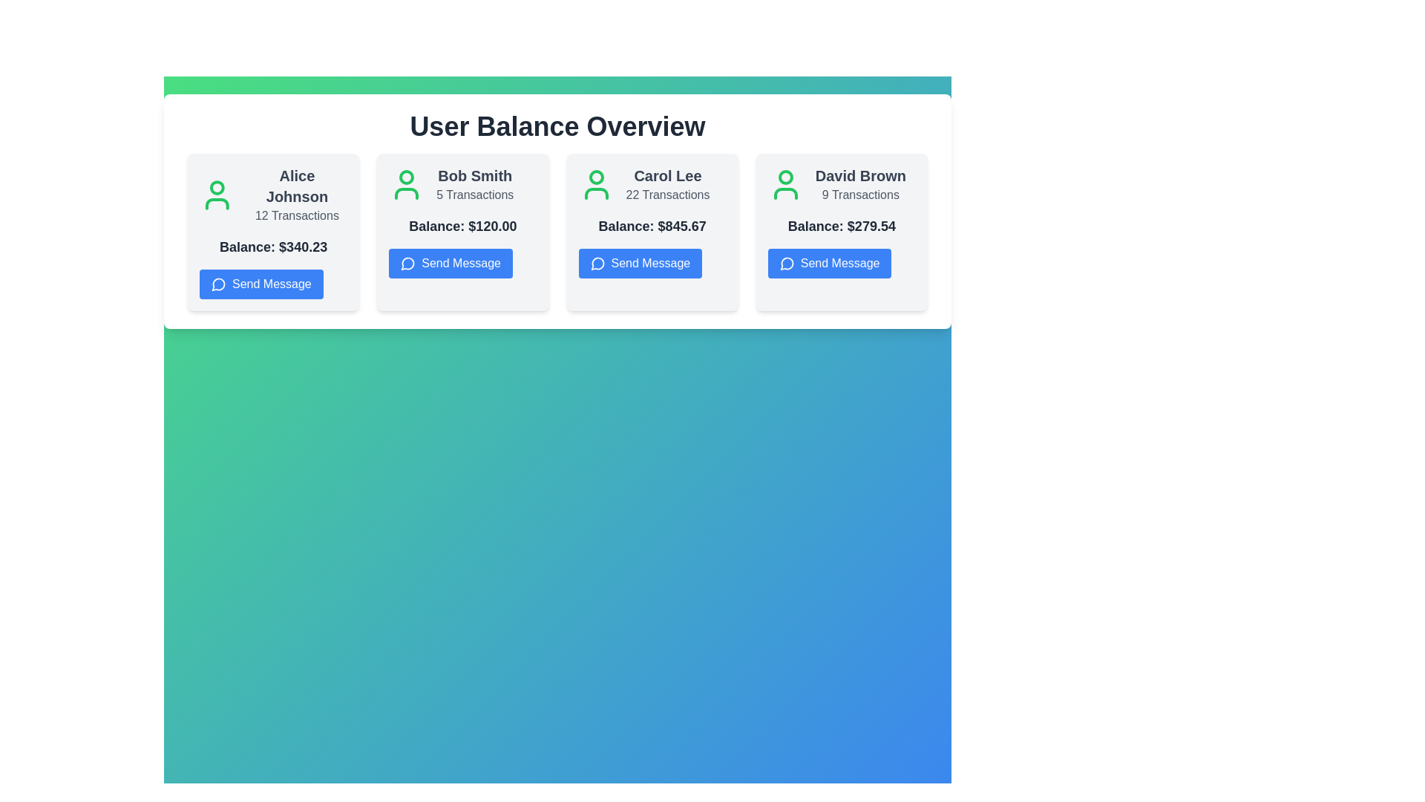  I want to click on the blue rectangular button labeled 'Send Message' with a messaging icon, so click(640, 262).